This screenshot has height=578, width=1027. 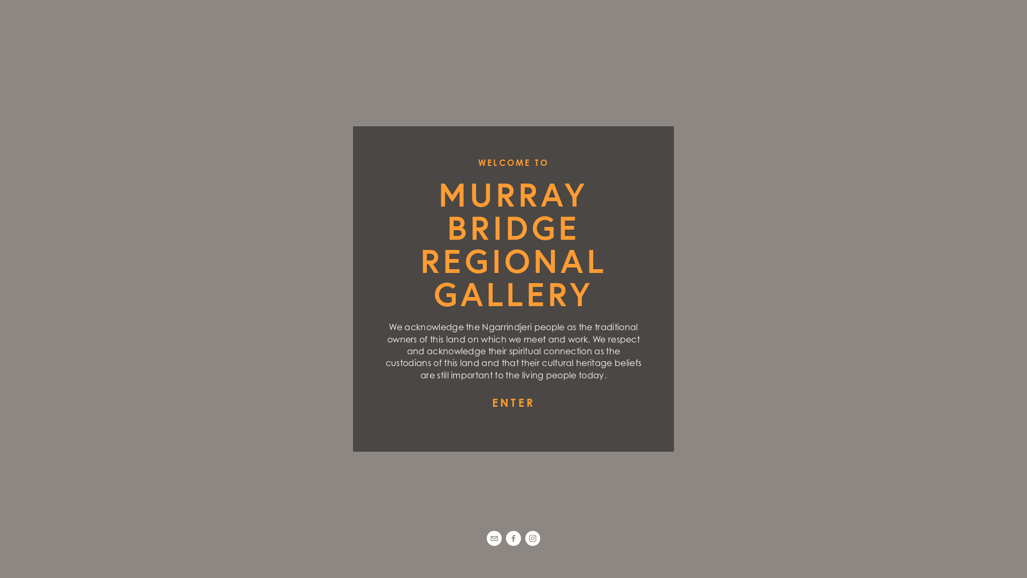 What do you see at coordinates (513, 402) in the screenshot?
I see `'ENTER'` at bounding box center [513, 402].